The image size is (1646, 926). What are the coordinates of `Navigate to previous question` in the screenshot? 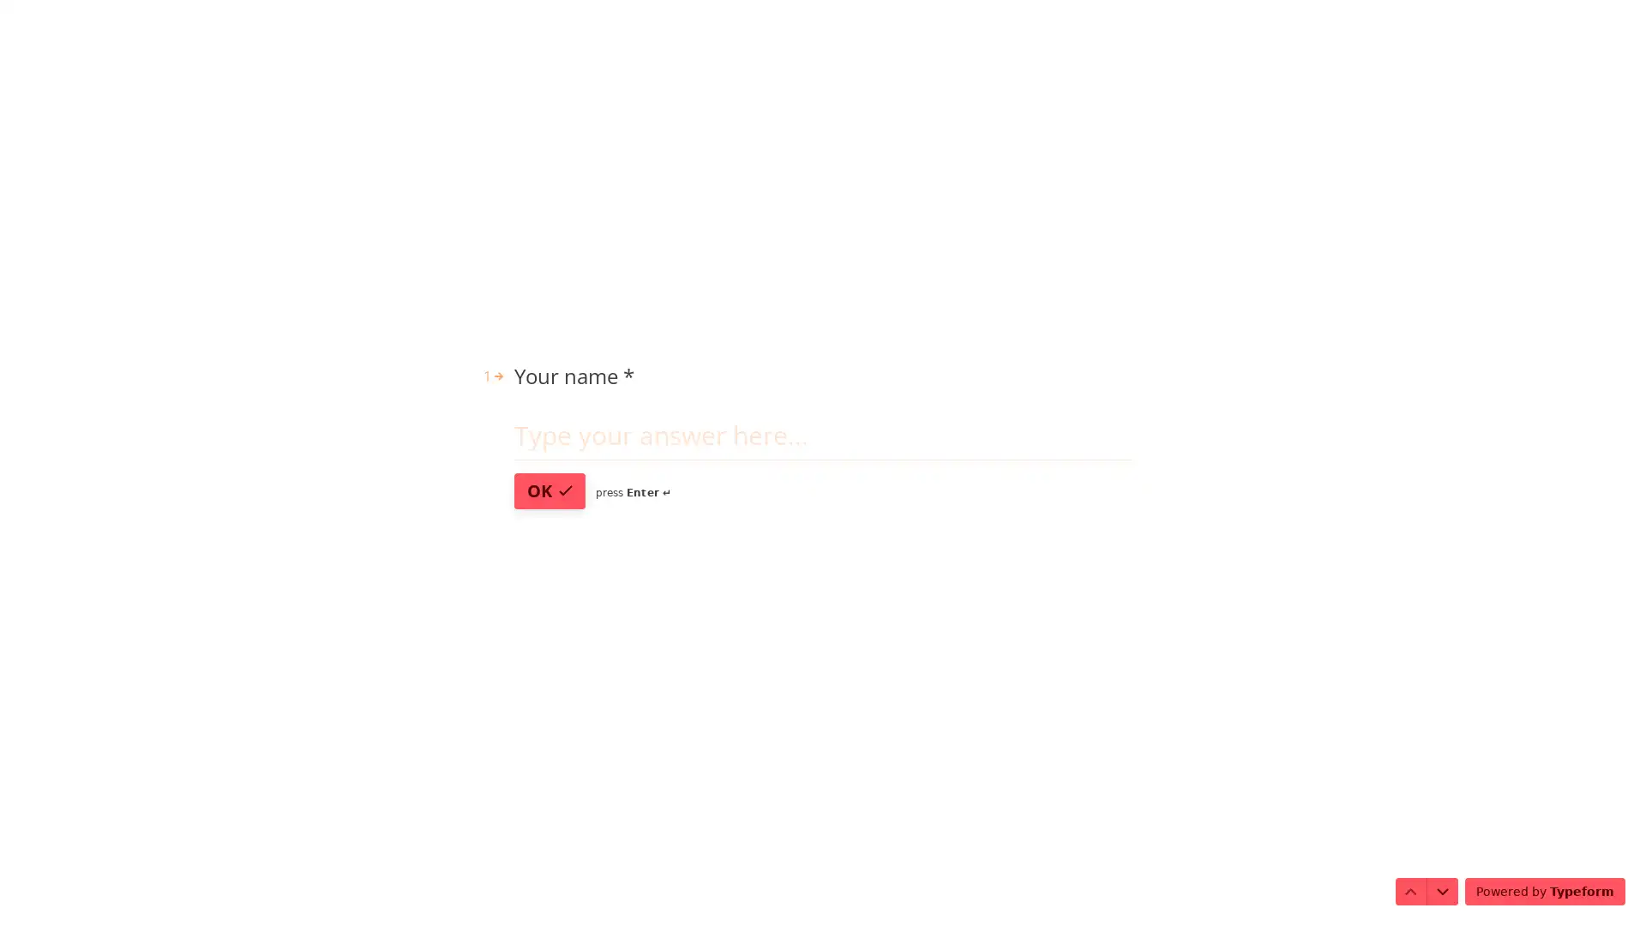 It's located at (1411, 891).